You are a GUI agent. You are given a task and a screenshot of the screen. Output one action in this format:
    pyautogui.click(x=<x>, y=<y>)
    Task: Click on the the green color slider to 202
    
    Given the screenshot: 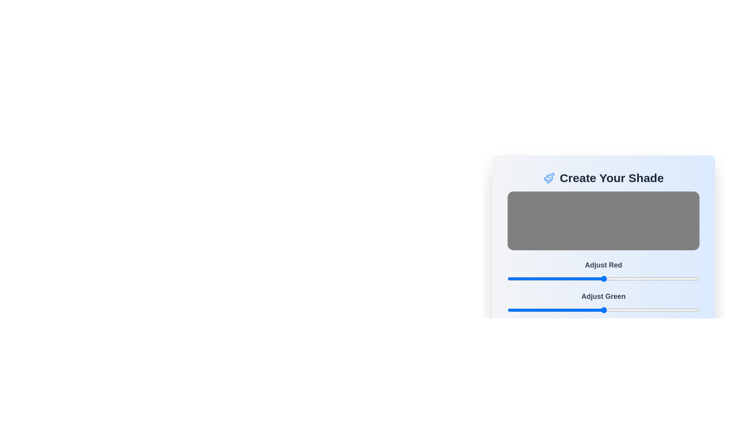 What is the action you would take?
    pyautogui.click(x=659, y=309)
    